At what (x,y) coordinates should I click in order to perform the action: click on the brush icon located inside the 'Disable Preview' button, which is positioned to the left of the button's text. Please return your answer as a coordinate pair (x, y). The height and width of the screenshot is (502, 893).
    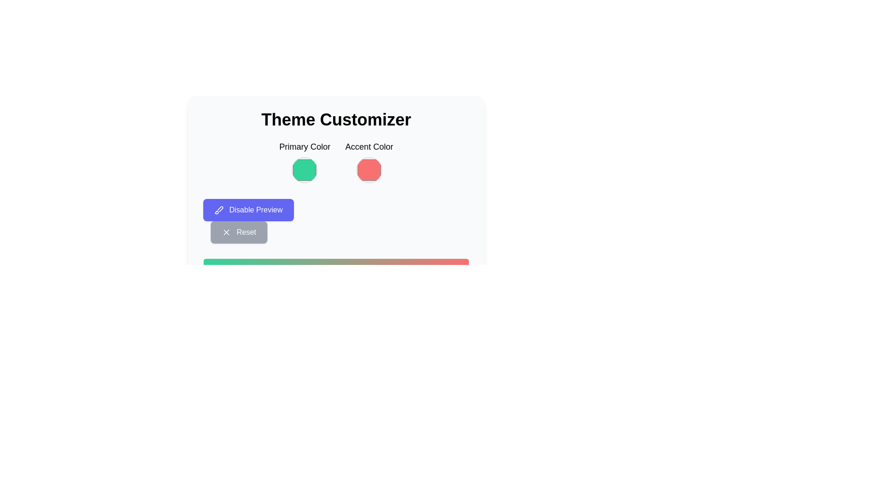
    Looking at the image, I should click on (218, 210).